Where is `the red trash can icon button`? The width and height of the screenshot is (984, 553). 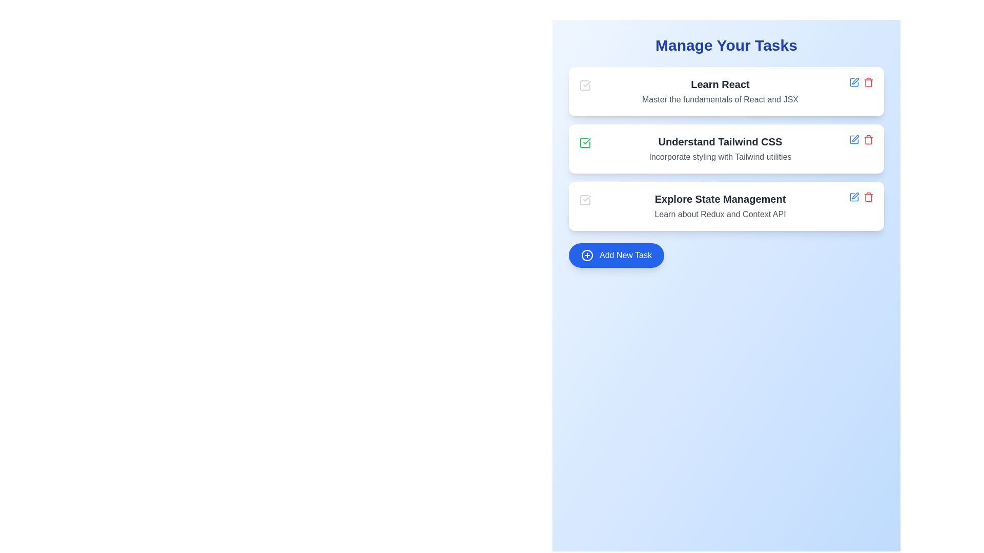 the red trash can icon button is located at coordinates (868, 140).